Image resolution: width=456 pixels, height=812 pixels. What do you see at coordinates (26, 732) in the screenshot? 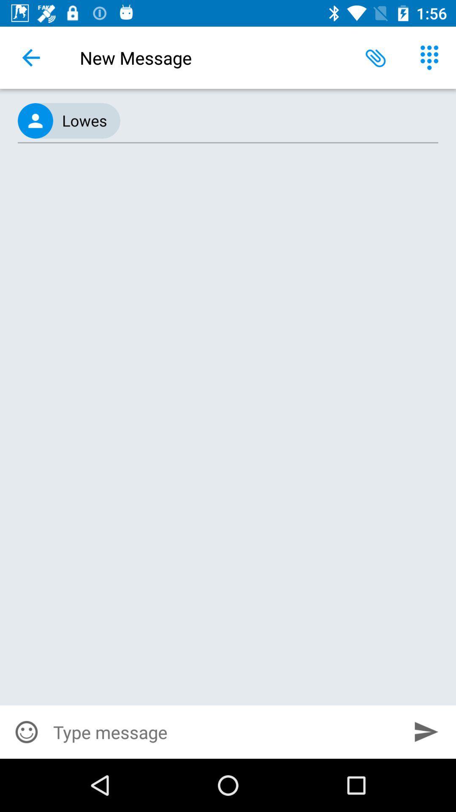
I see `the emoji icon` at bounding box center [26, 732].